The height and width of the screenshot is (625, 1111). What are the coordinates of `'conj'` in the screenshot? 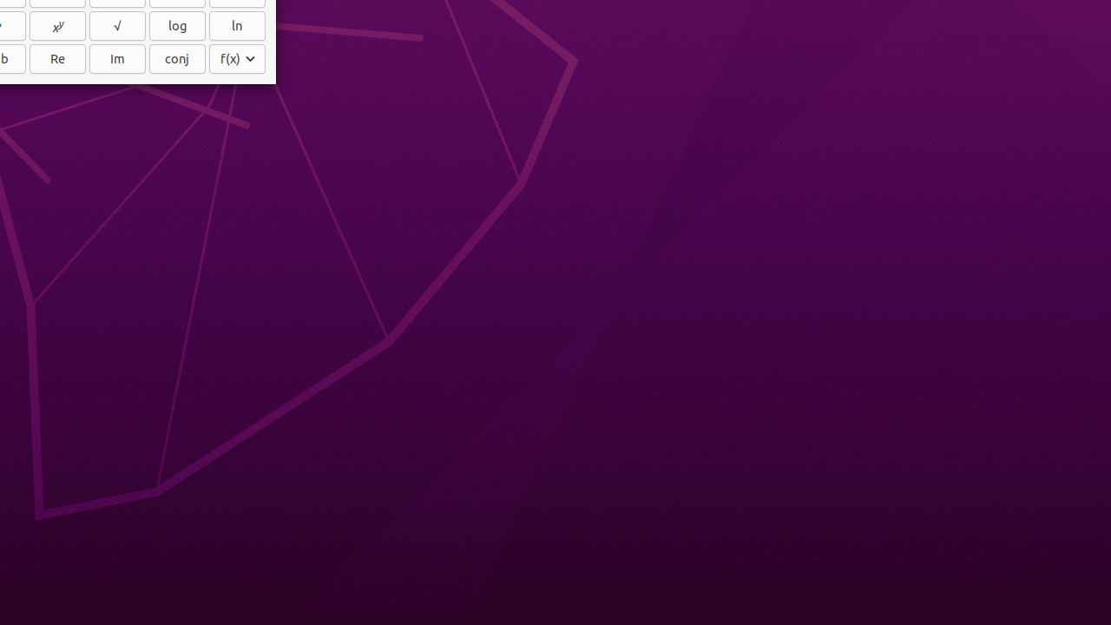 It's located at (177, 57).